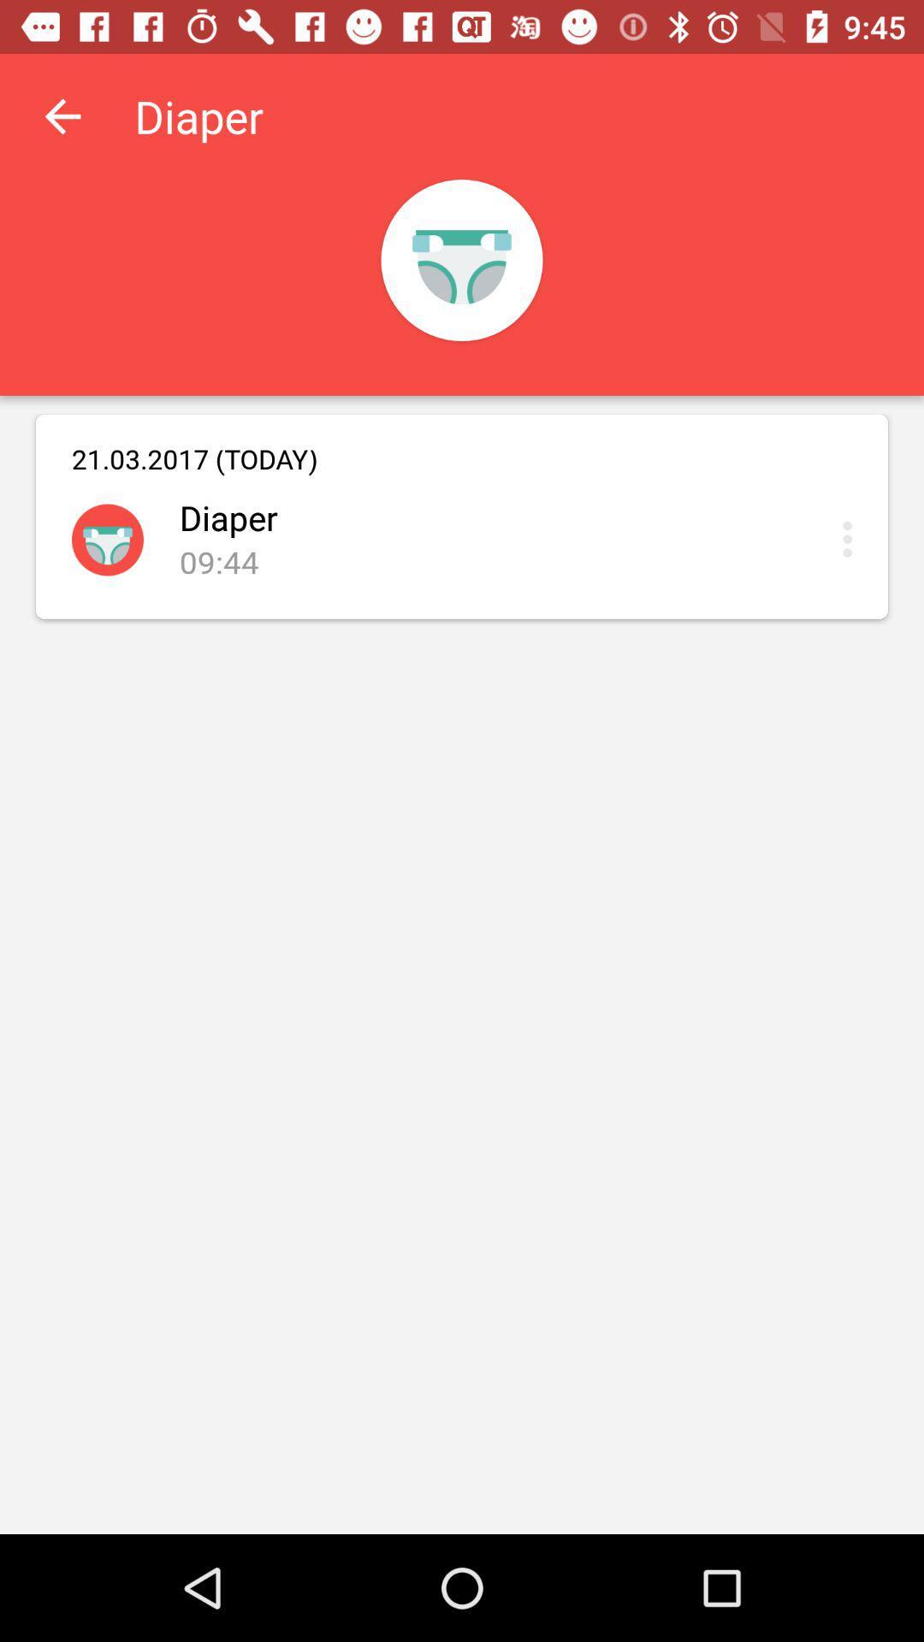 The image size is (924, 1642). Describe the element at coordinates (851, 538) in the screenshot. I see `click more options` at that location.